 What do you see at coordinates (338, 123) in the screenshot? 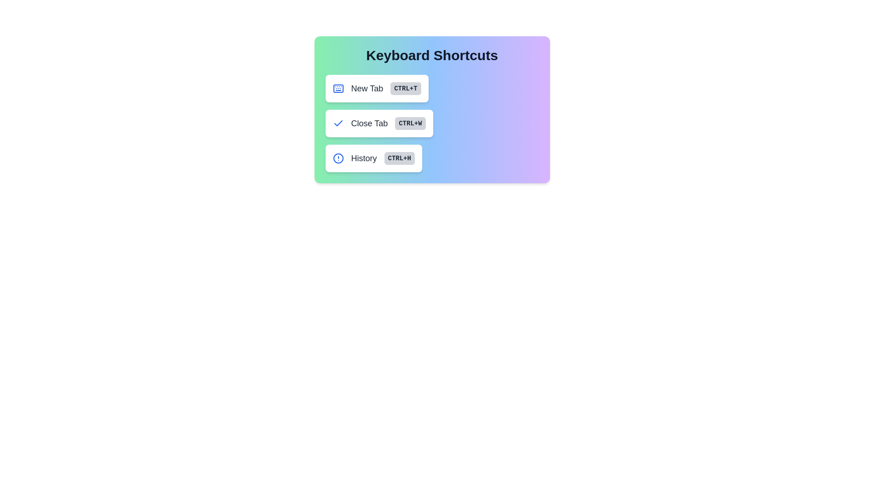
I see `the blue checkmark icon located in the leftmost part of the 'Close Tab' row, which is the second row under the 'Keyboard Shortcuts' heading` at bounding box center [338, 123].